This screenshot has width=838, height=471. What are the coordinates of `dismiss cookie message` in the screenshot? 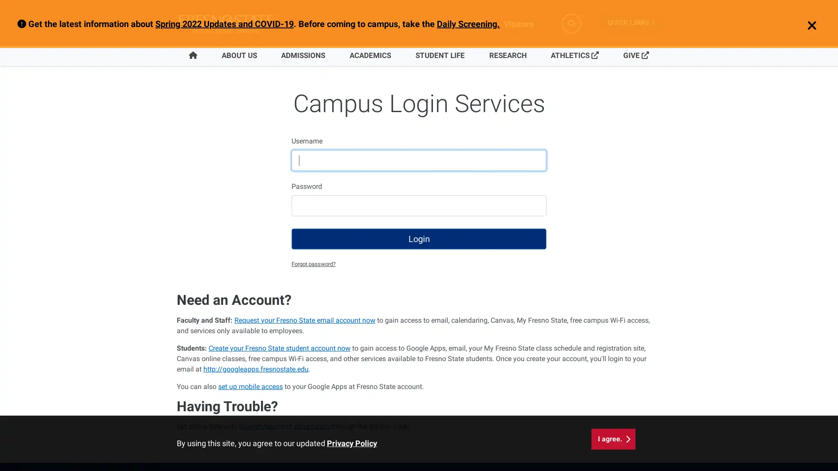 It's located at (613, 439).